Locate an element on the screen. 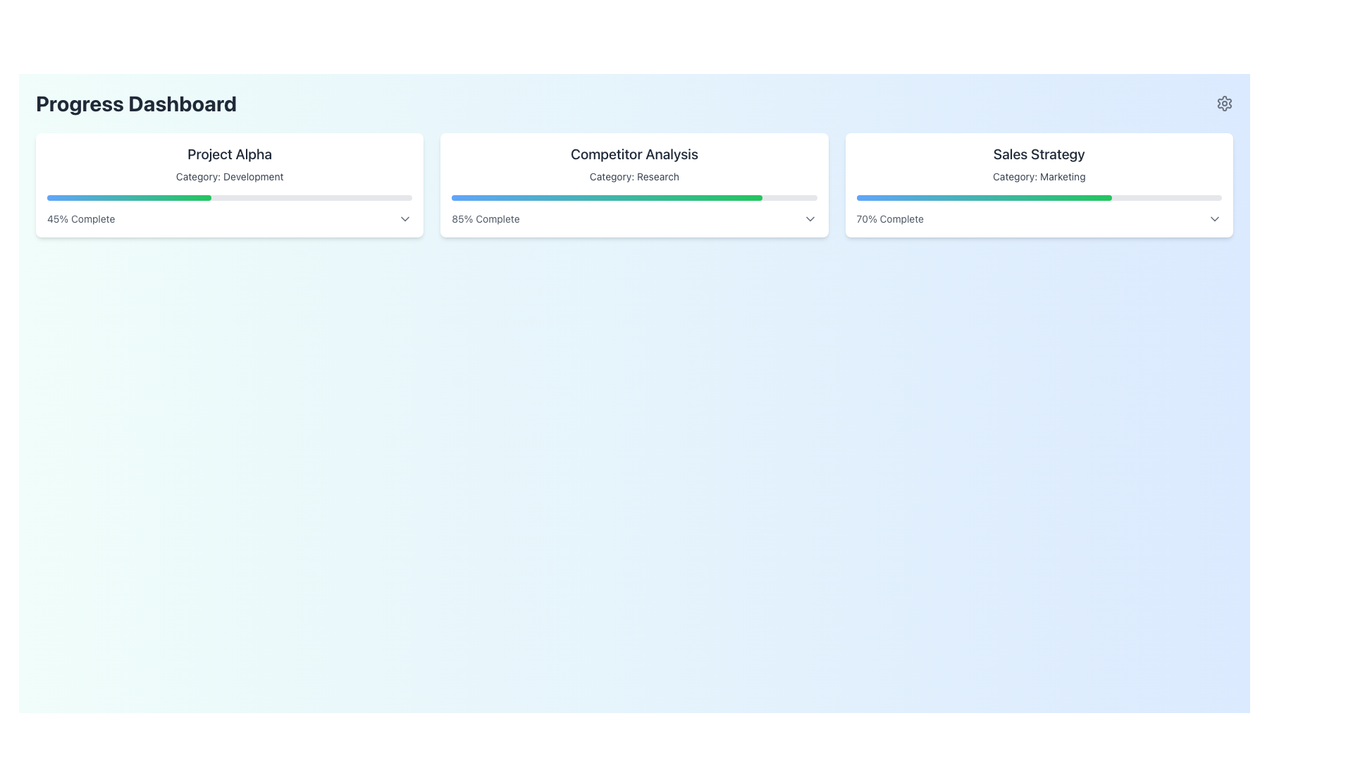 The image size is (1353, 761). the static text label displaying 'Category: Marketing', which is located below the 'Sales Strategy' heading and above the progress indicator in the third card of the dashboard interface is located at coordinates (1039, 175).